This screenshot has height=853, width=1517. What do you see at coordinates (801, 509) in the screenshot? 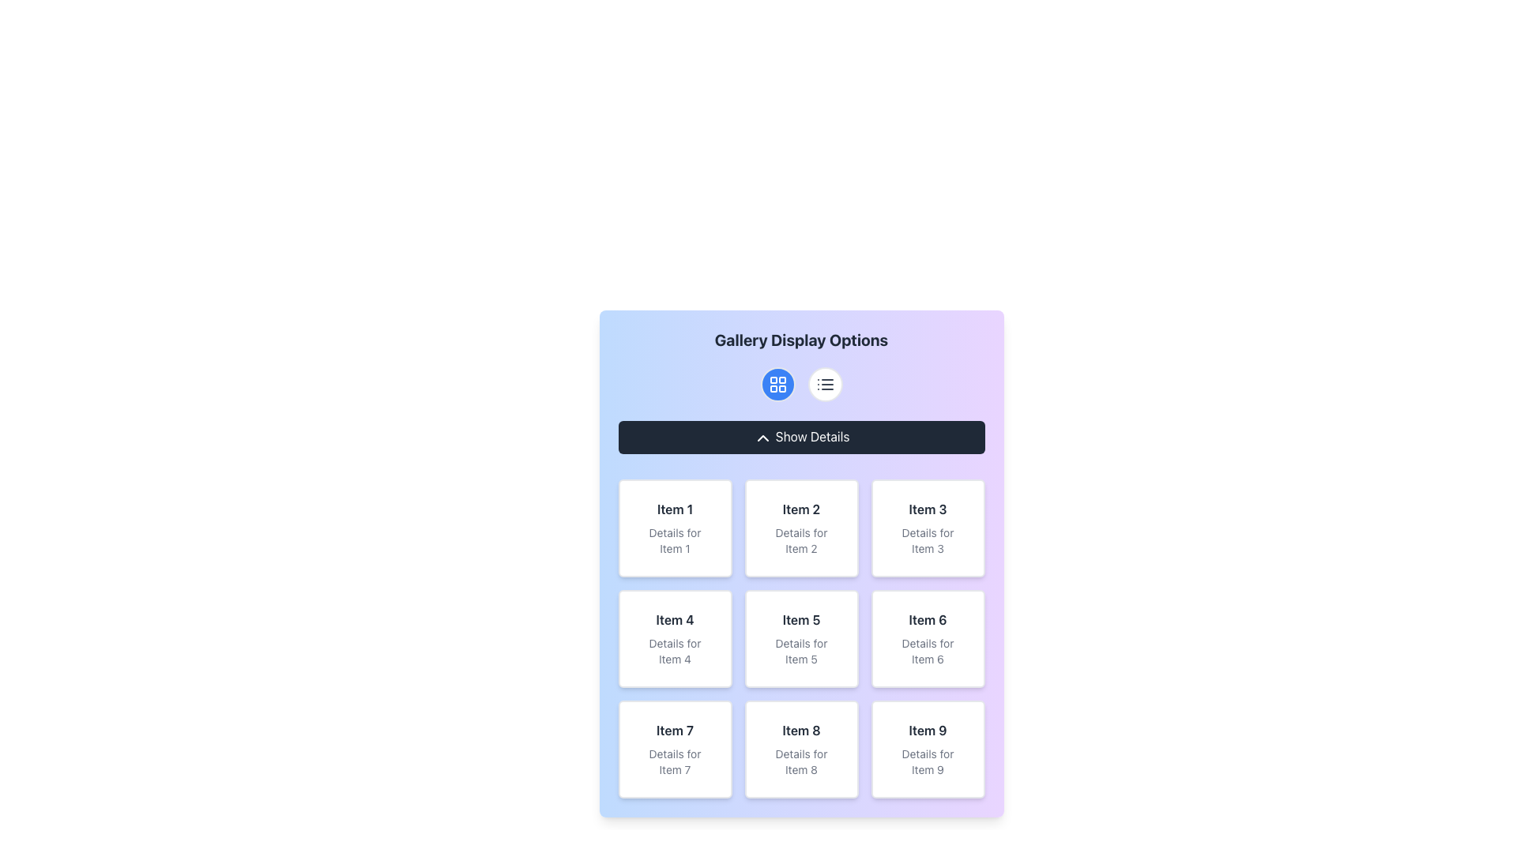
I see `the Text Label displaying 'Item 2', which is bold and dark gray, located in the second card of the first row in a 3x3 grid, for additional options` at bounding box center [801, 509].